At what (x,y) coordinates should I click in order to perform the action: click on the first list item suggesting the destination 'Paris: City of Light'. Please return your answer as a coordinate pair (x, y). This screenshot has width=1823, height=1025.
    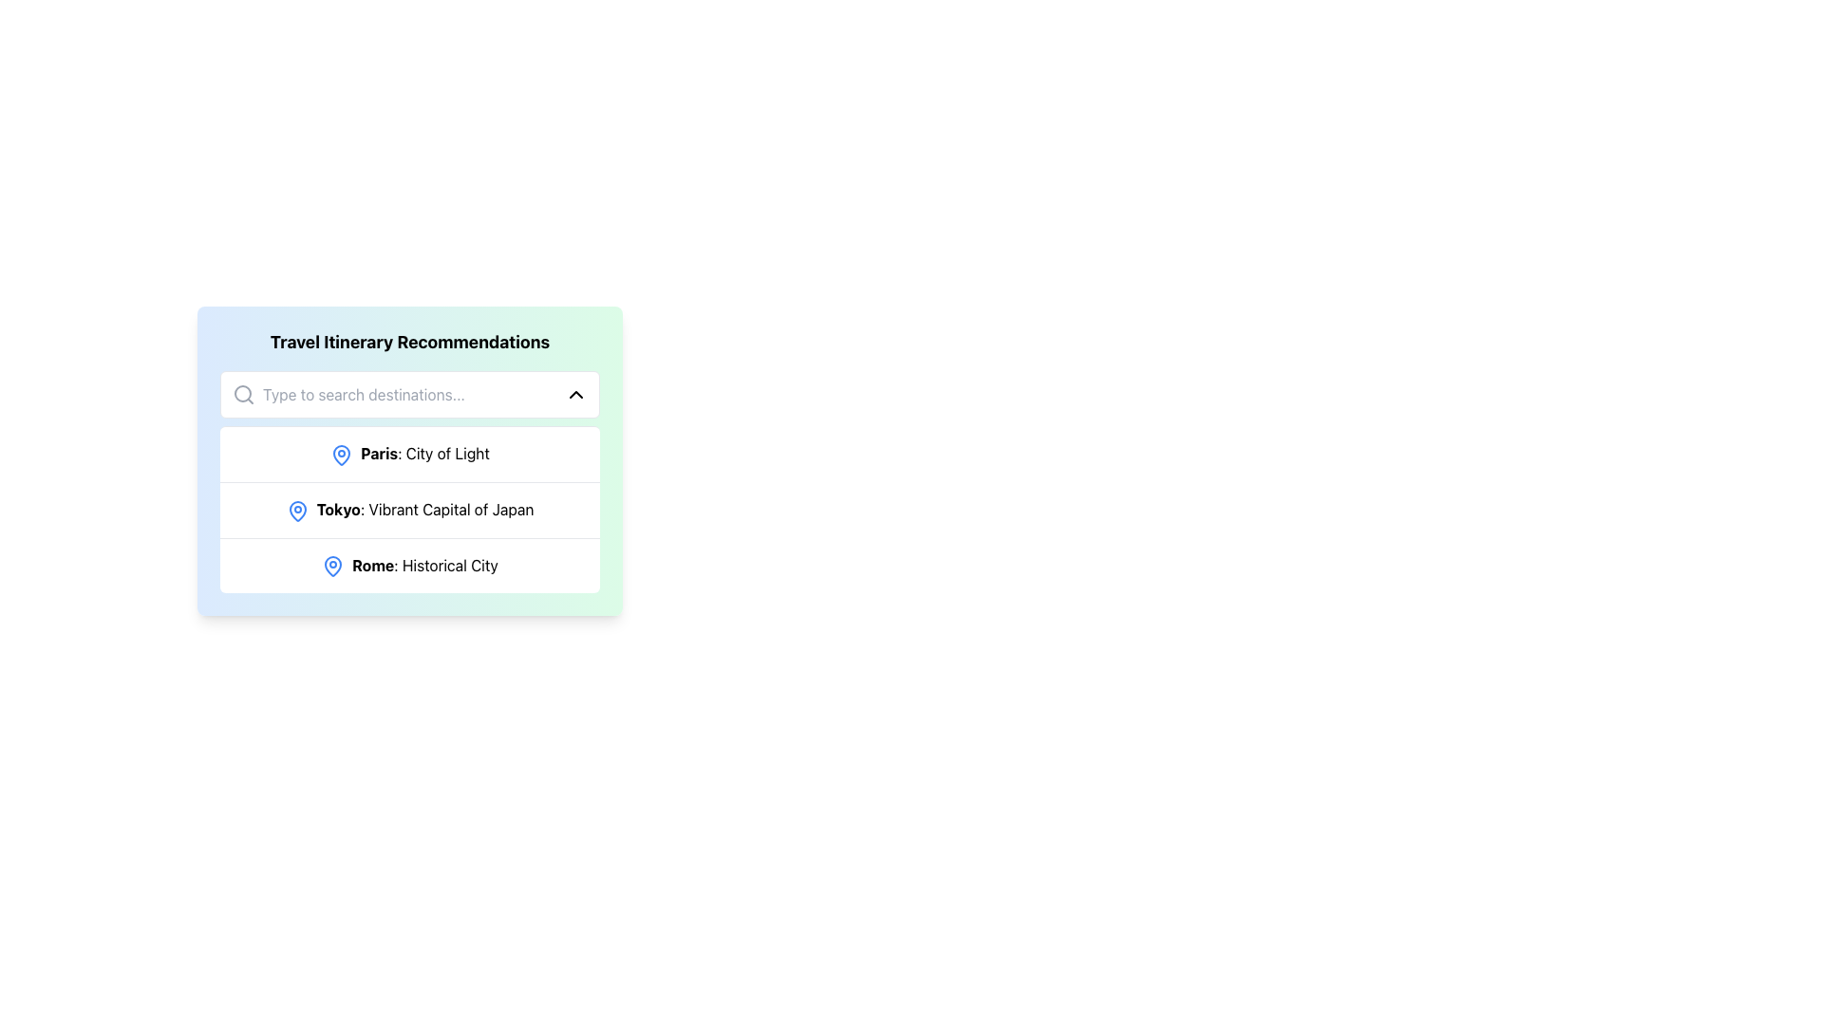
    Looking at the image, I should click on (409, 454).